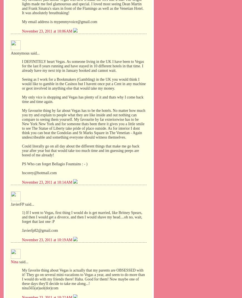 Image resolution: width=242 pixels, height=298 pixels. What do you see at coordinates (83, 99) in the screenshot?
I see `'My only vice is shopping and Vegas has plenty of it and thats why I come back time and time again.'` at bounding box center [83, 99].